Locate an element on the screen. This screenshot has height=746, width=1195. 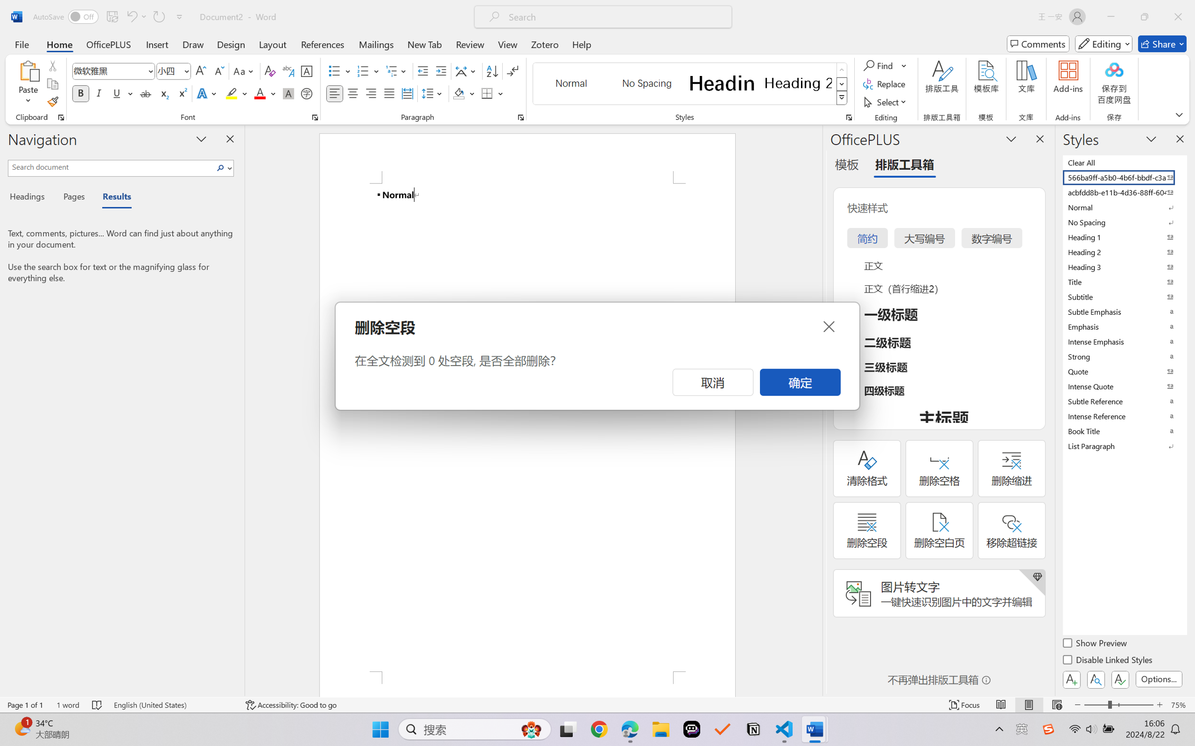
'Mode' is located at coordinates (1104, 43).